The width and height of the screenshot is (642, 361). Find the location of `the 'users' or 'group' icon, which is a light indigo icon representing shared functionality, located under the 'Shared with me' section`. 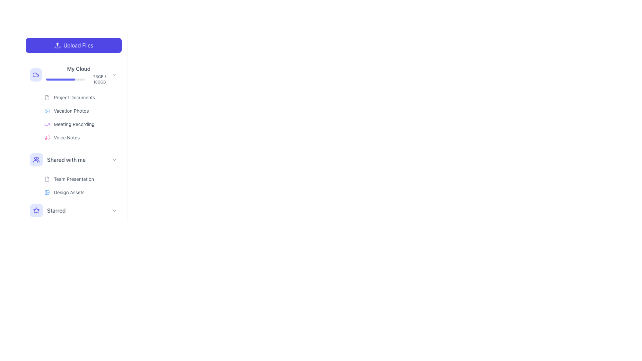

the 'users' or 'group' icon, which is a light indigo icon representing shared functionality, located under the 'Shared with me' section is located at coordinates (36, 160).